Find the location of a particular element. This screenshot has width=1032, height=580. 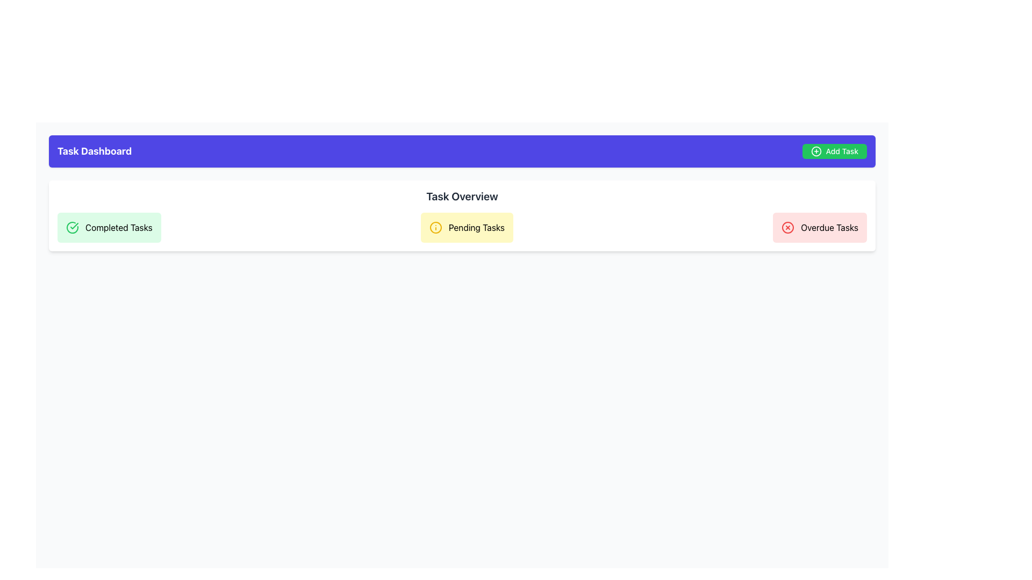

text from the 'Task Dashboard' heading located in the upper-left corner of the indigo-colored section is located at coordinates (95, 151).